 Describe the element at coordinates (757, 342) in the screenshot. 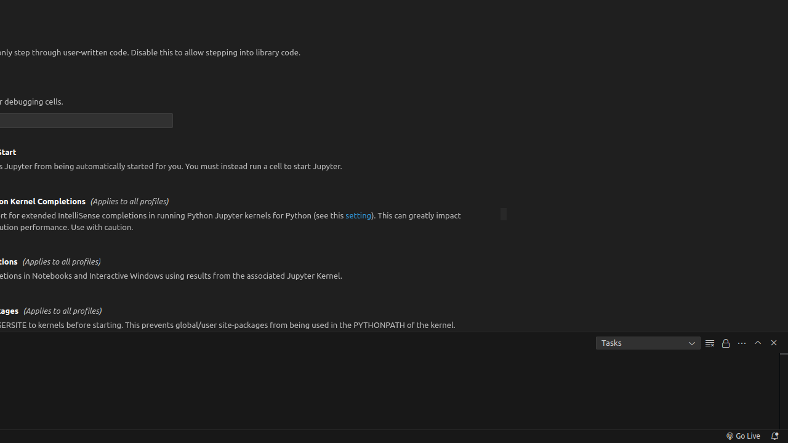

I see `'Maximize Panel Size'` at that location.